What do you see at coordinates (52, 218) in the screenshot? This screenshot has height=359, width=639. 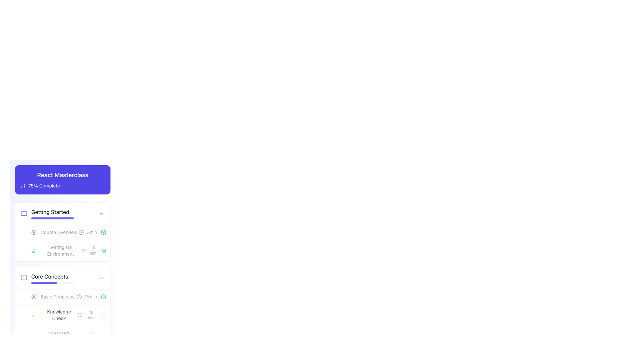 I see `the progress bar located directly beneath the 'Getting Started' text, which visually represents the completion progress of this section` at bounding box center [52, 218].